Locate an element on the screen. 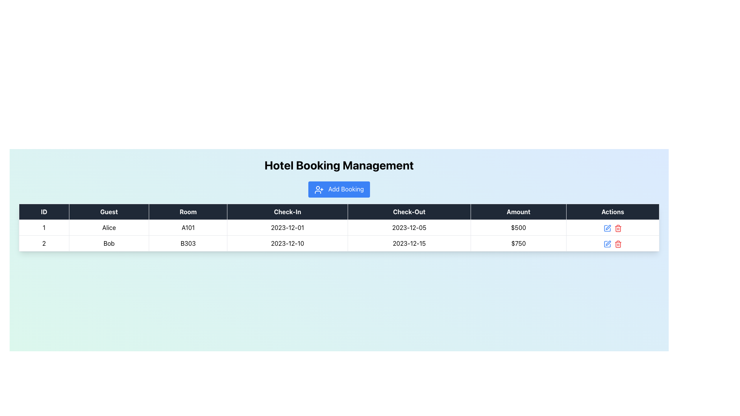  the blue pen icon button in the 'Actions' column of the second row for the booking of guest 'Bob' is located at coordinates (607, 228).